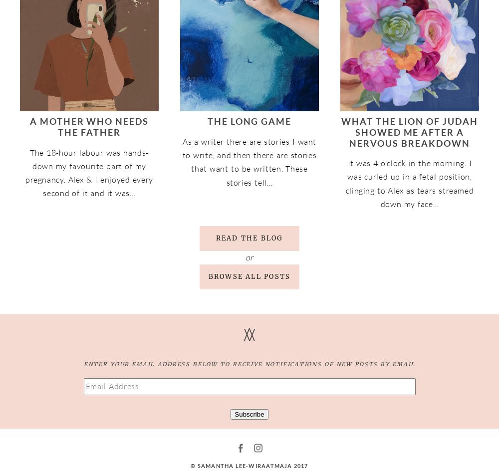  Describe the element at coordinates (249, 276) in the screenshot. I see `'Browse All Posts'` at that location.